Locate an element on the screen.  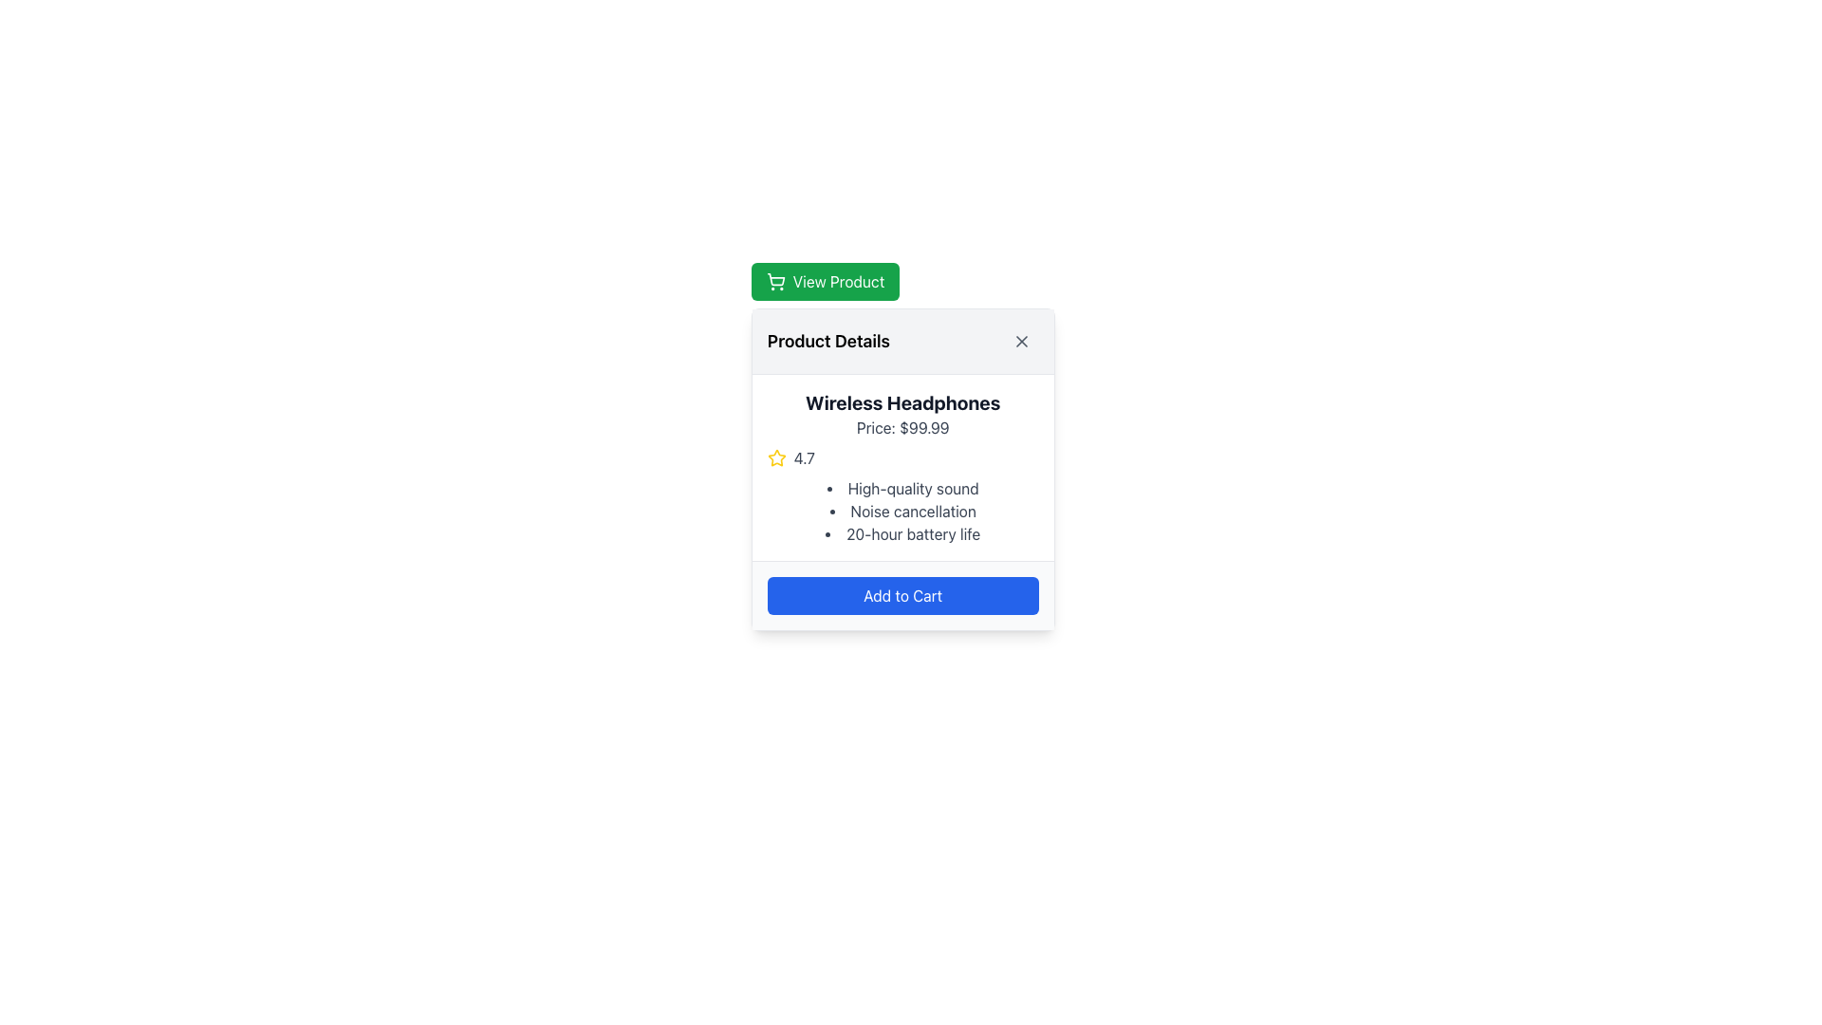
the button located at the bottom of the product features section is located at coordinates (902, 594).